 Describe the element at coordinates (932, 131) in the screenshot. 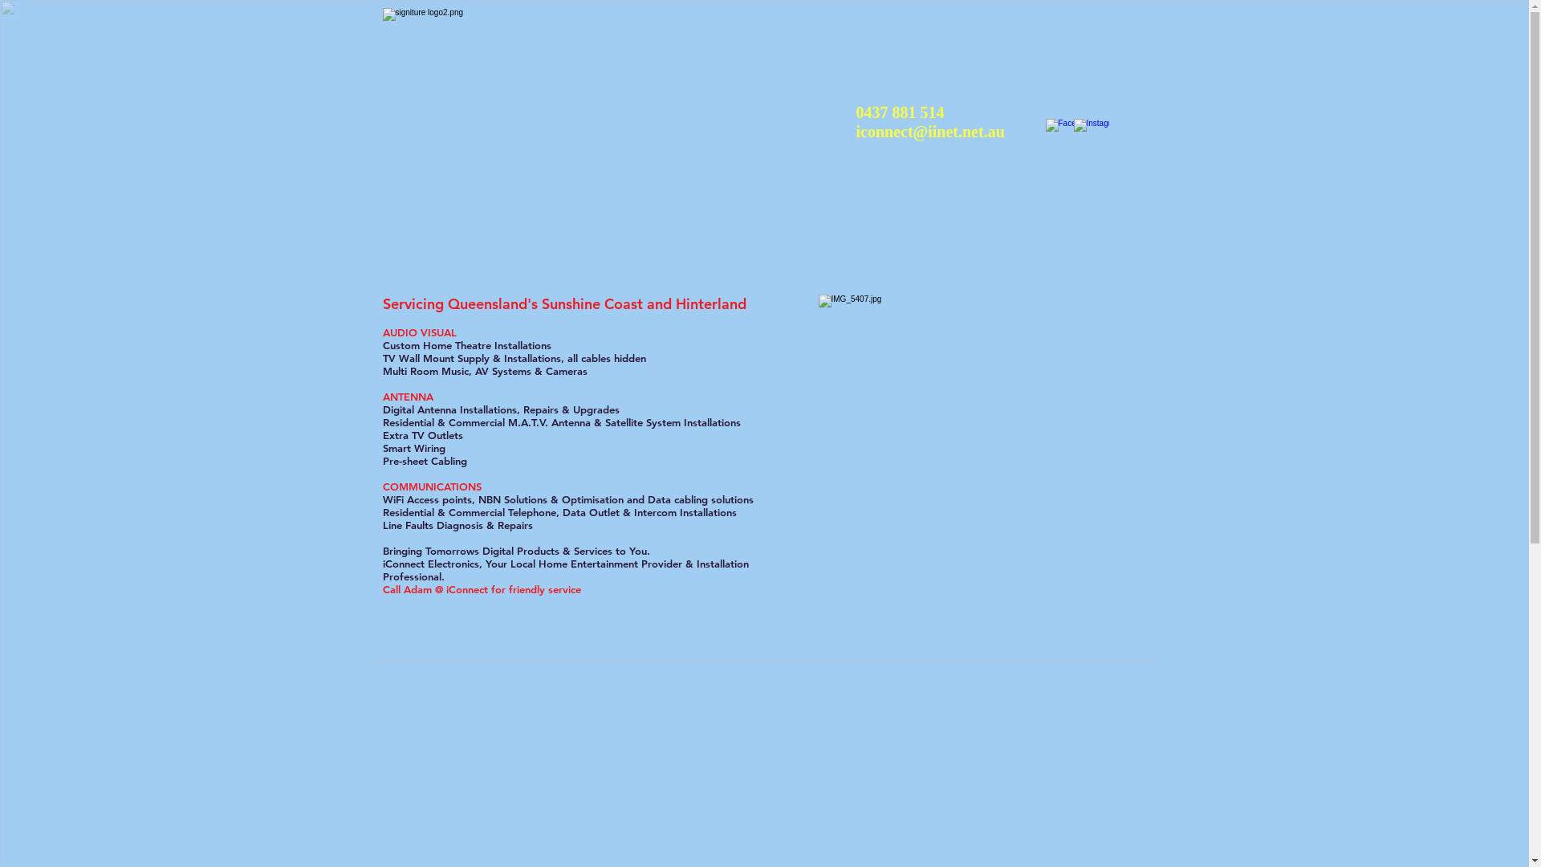

I see `'iconnect@iinet.net.au '` at that location.